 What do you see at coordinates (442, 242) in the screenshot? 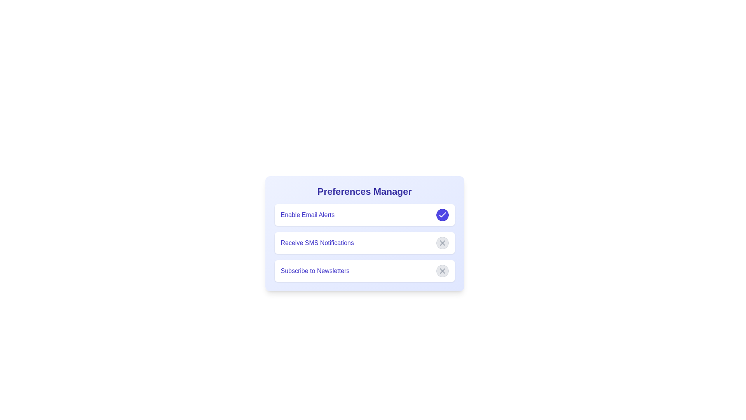
I see `the gray 'X' icon located on the far right of the third row in the 'Preferences Manager' settings menu` at bounding box center [442, 242].